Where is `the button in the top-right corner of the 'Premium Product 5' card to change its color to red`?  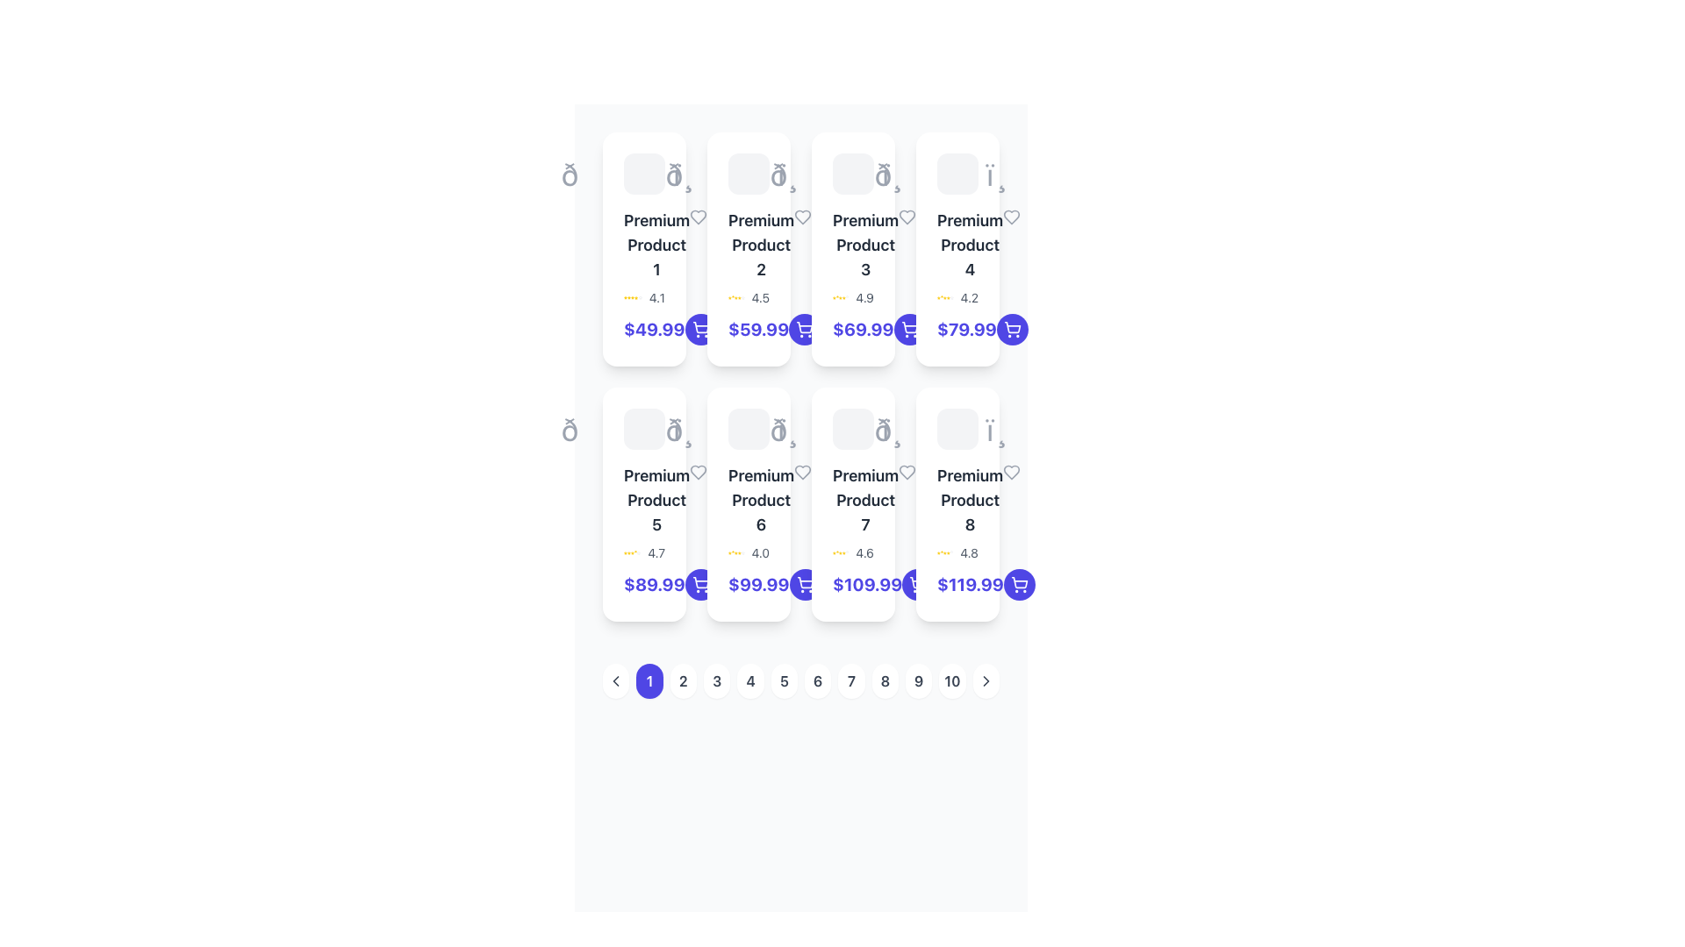
the button in the top-right corner of the 'Premium Product 5' card to change its color to red is located at coordinates (698, 472).